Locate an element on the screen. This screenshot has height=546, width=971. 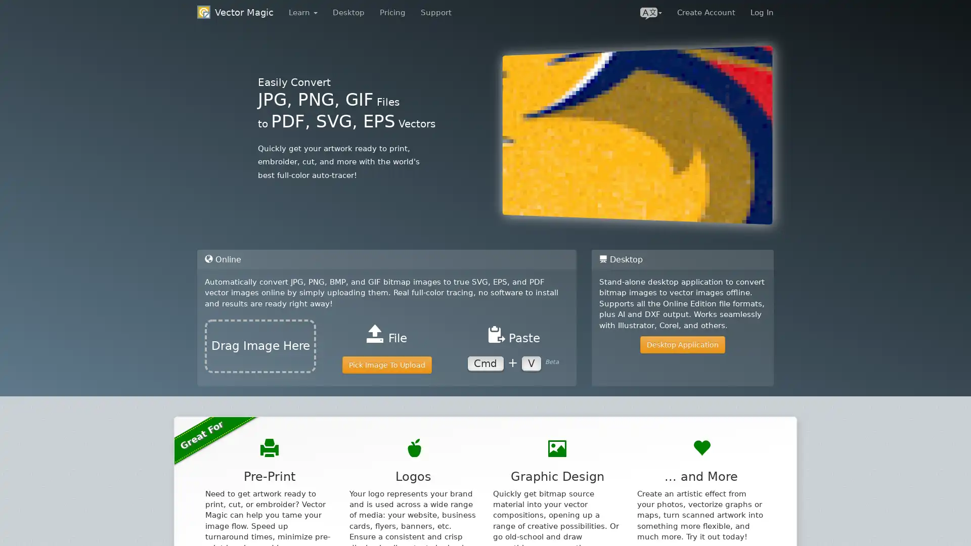
Pick Image To Upload is located at coordinates (386, 365).